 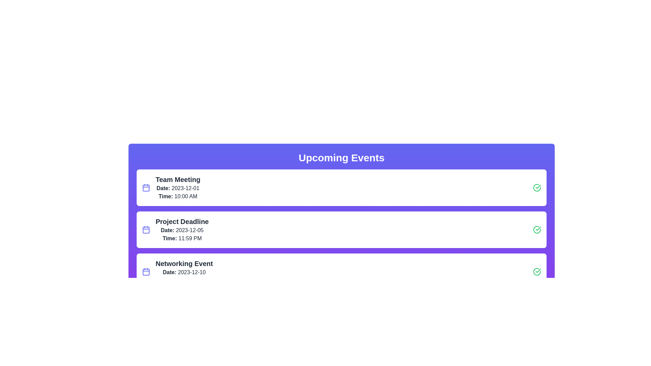 What do you see at coordinates (146, 188) in the screenshot?
I see `the calendar icon located at the top-left corner of the 'Team Meeting' card, which is adjacent to the heading text` at bounding box center [146, 188].